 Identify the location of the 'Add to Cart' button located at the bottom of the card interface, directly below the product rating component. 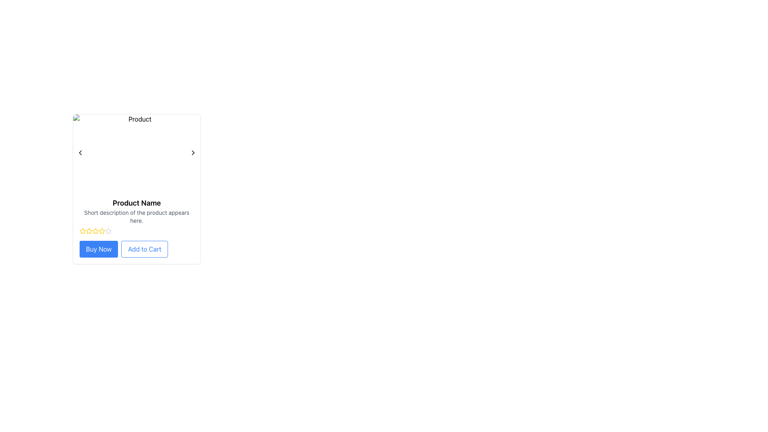
(136, 249).